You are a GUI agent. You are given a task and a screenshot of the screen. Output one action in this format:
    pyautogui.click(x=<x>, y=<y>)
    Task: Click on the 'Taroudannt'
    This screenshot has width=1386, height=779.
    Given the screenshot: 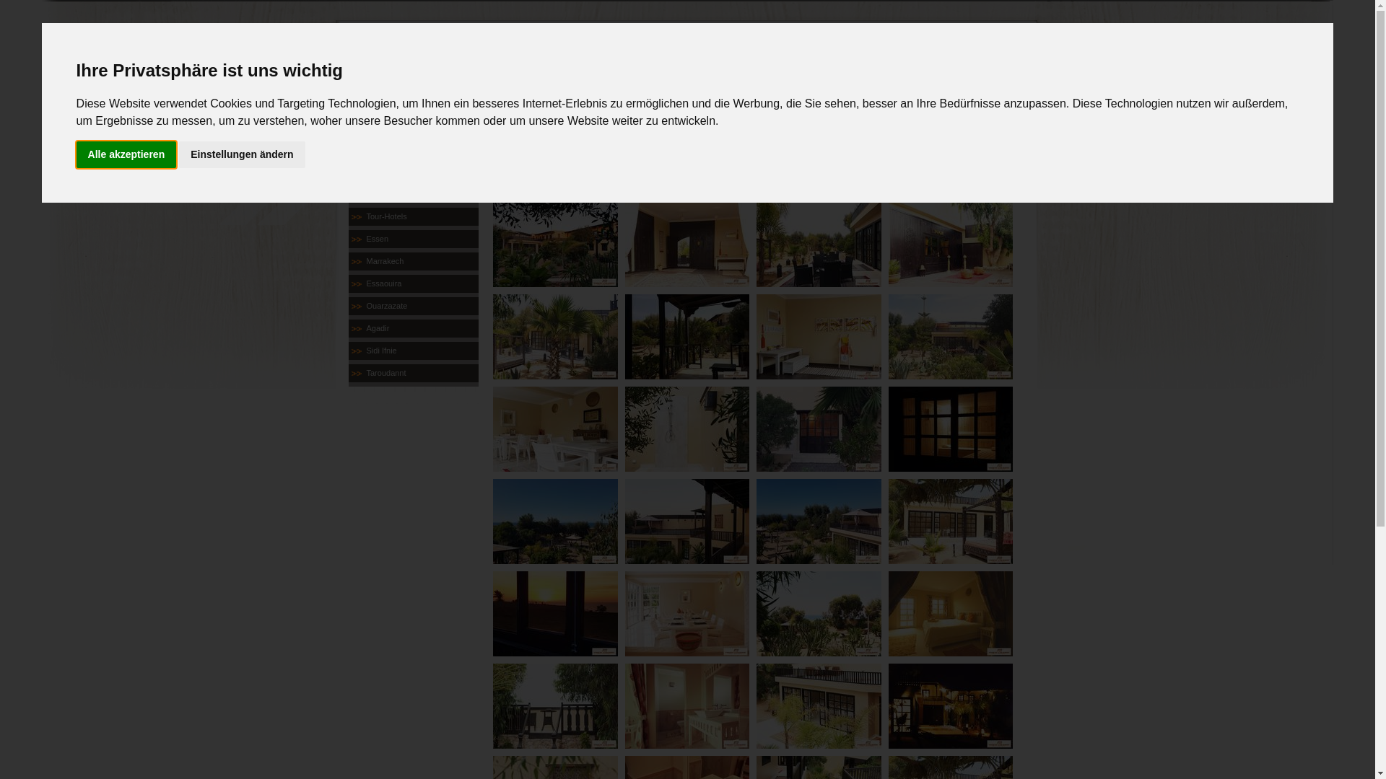 What is the action you would take?
    pyautogui.click(x=411, y=372)
    